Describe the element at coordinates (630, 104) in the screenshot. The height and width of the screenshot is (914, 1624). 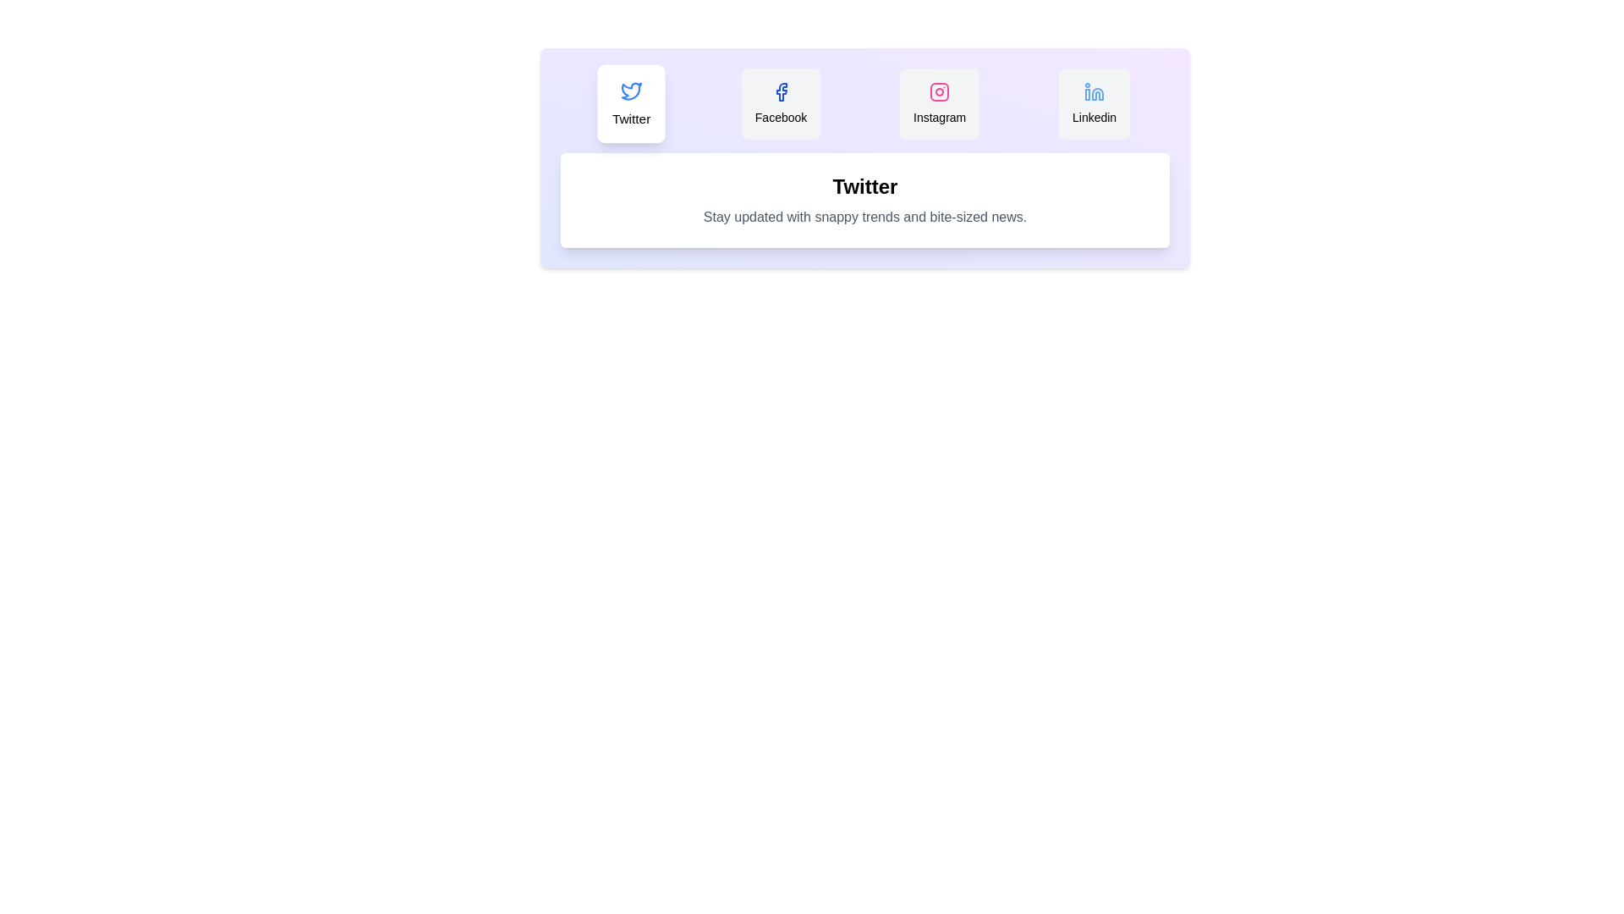
I see `the Twitter tab by clicking on its respective button` at that location.